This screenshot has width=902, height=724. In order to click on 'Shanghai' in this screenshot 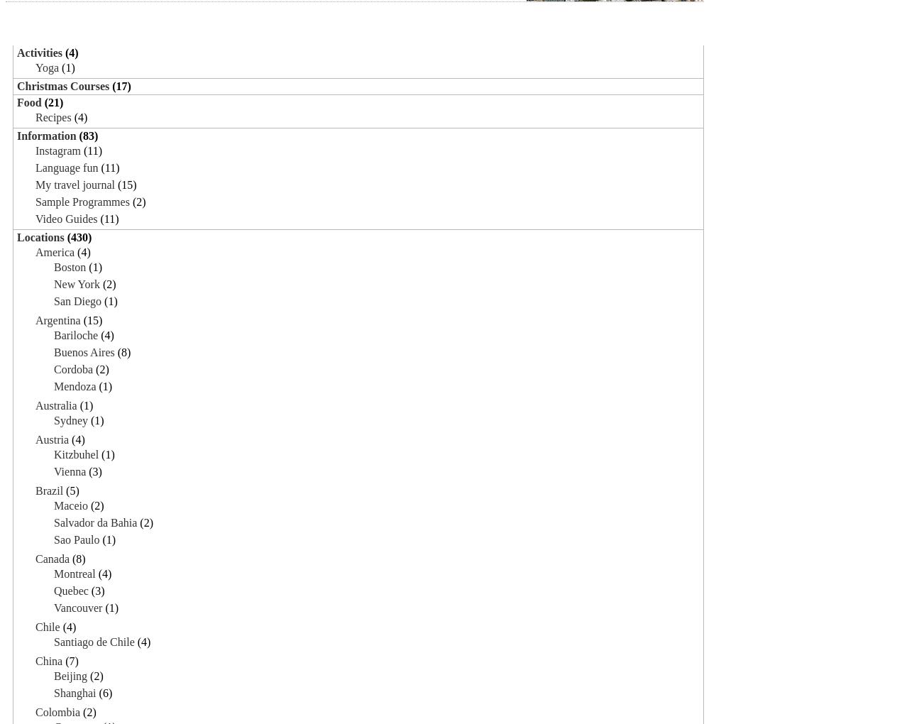, I will do `click(75, 691)`.